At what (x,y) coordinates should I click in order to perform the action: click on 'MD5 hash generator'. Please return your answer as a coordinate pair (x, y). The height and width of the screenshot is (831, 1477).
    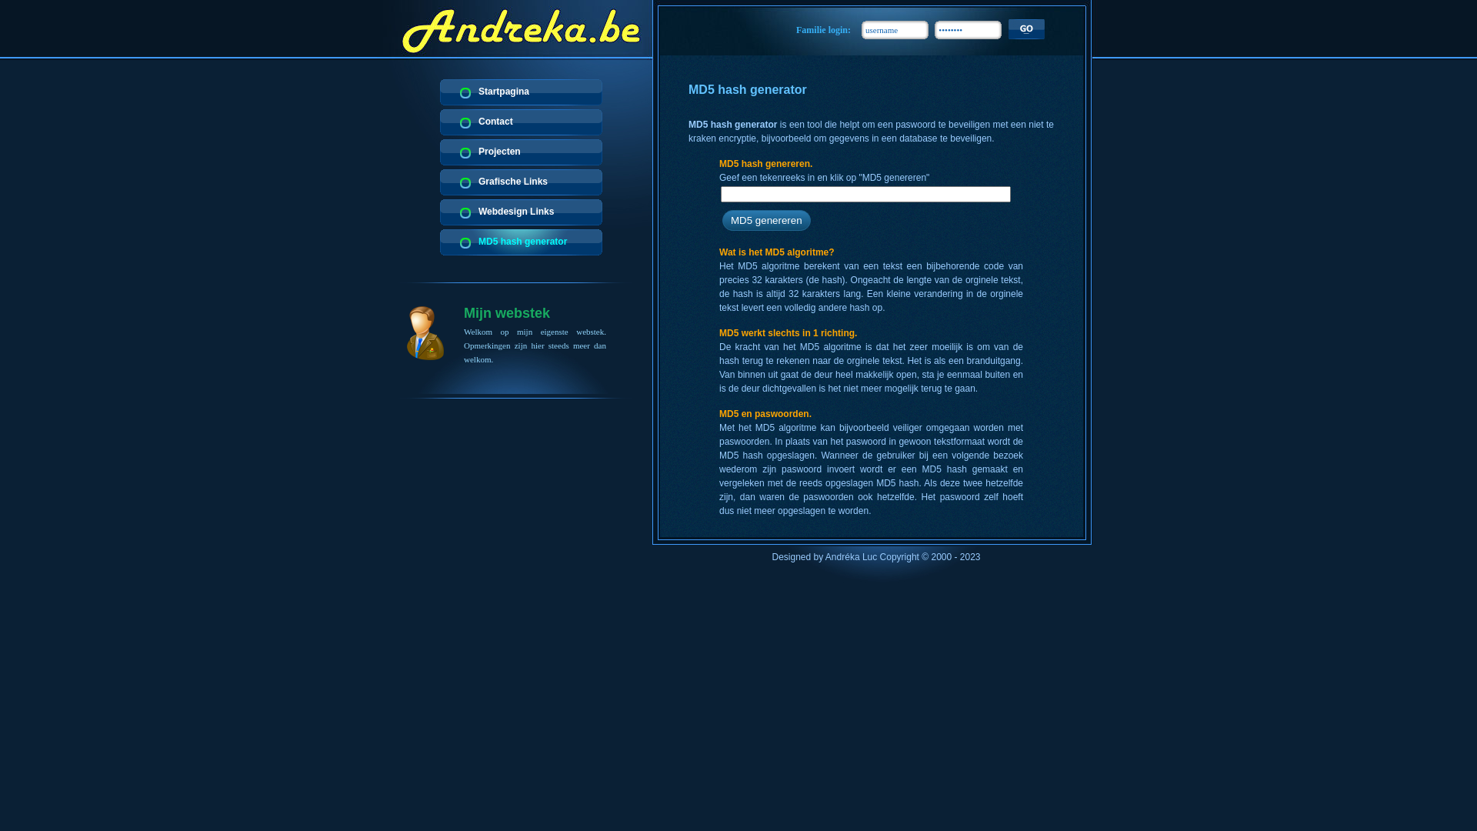
    Looking at the image, I should click on (521, 242).